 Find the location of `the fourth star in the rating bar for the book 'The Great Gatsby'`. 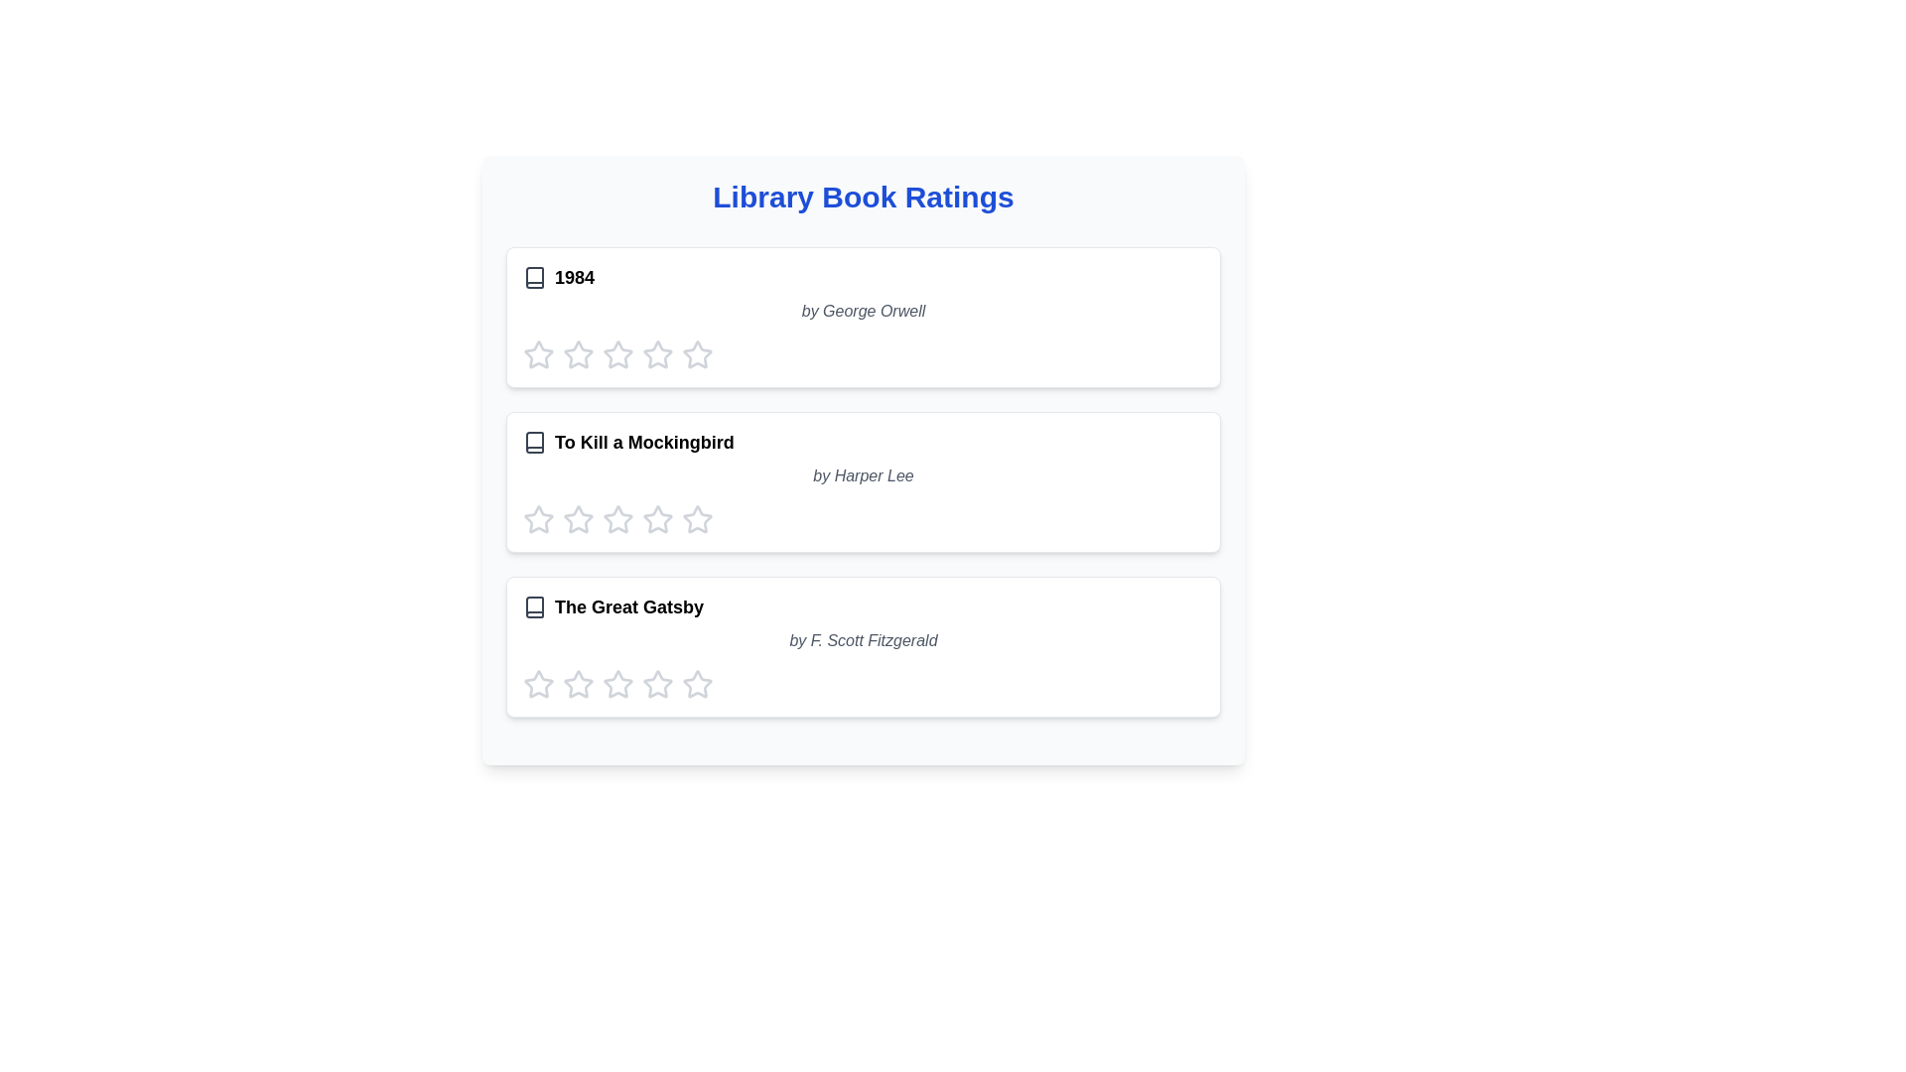

the fourth star in the rating bar for the book 'The Great Gatsby' is located at coordinates (617, 684).